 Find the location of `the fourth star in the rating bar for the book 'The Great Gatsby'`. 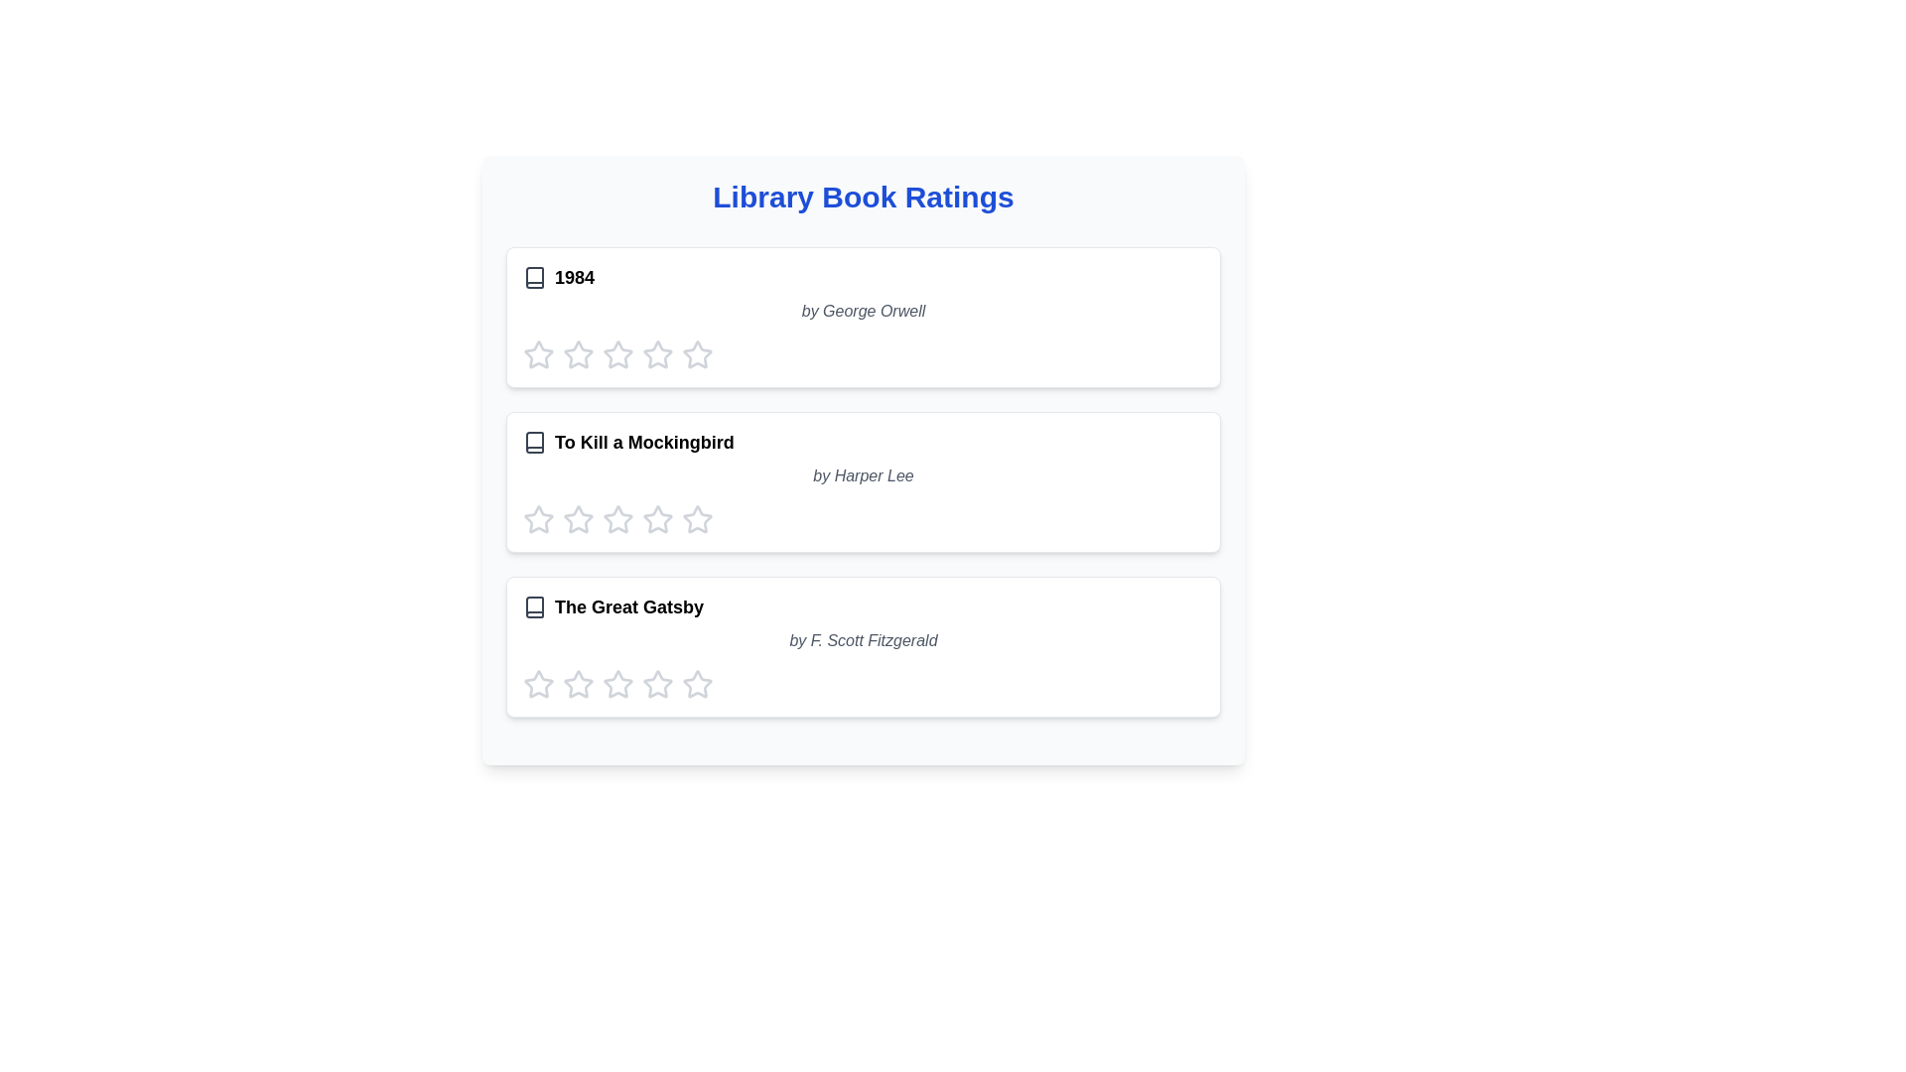

the fourth star in the rating bar for the book 'The Great Gatsby' is located at coordinates (617, 684).